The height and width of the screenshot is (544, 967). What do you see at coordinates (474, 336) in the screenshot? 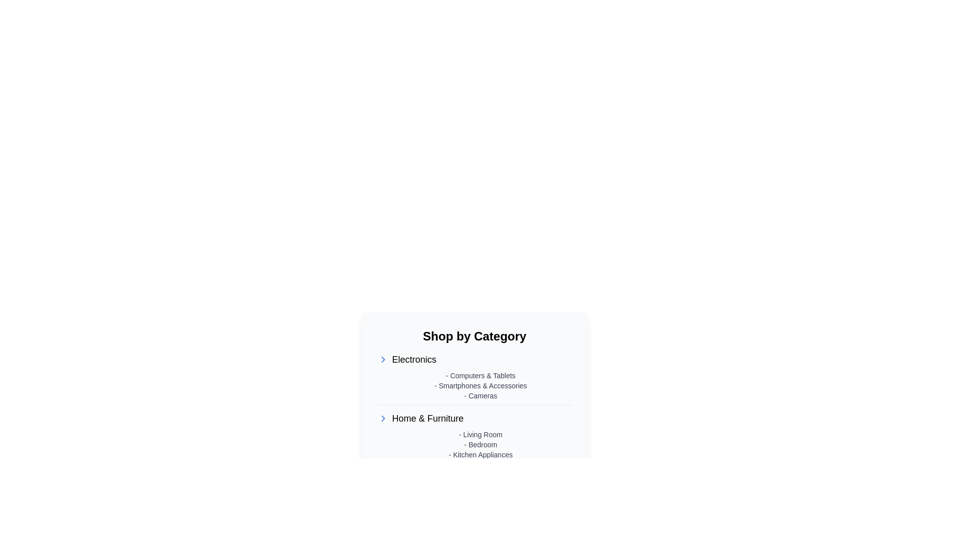
I see `header text element that serves as the title for the category browser, located at the top of the section` at bounding box center [474, 336].